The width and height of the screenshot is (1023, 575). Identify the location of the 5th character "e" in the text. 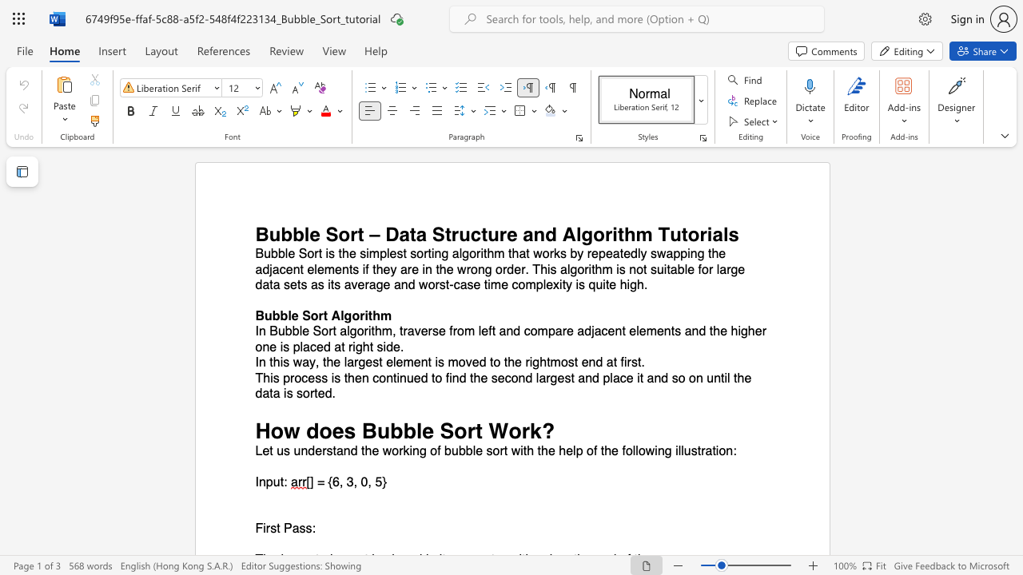
(500, 378).